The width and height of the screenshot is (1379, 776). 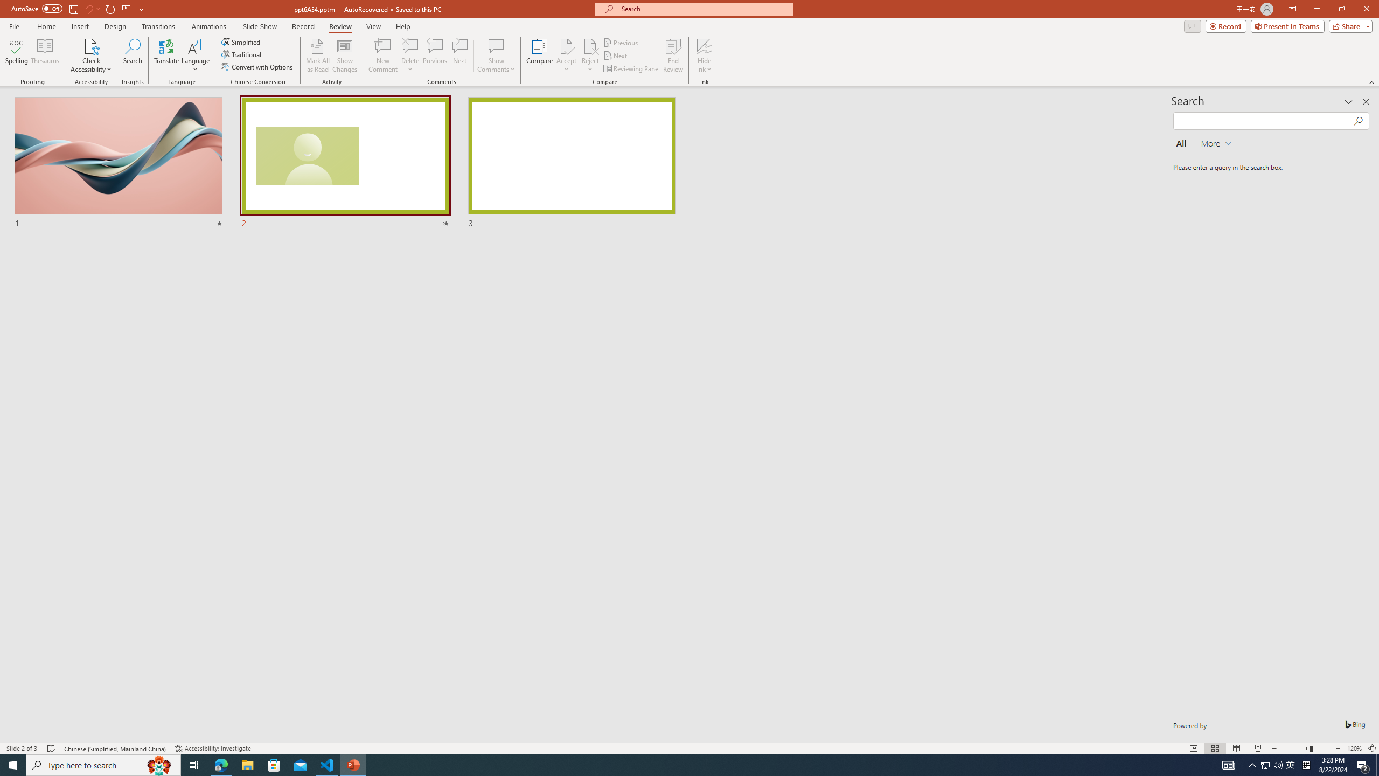 I want to click on 'Compare', so click(x=540, y=56).